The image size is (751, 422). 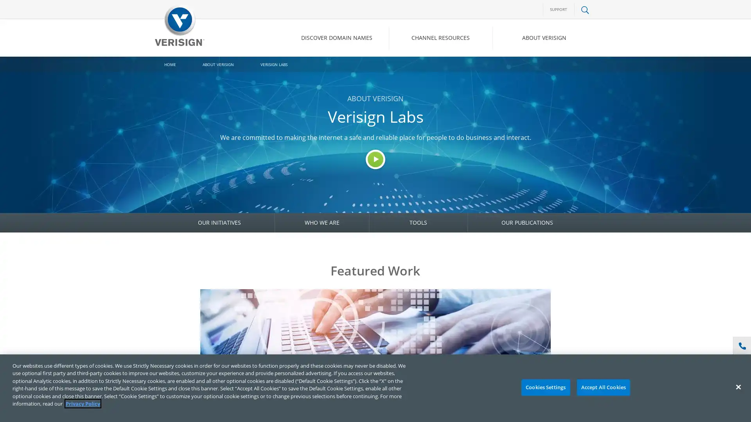 What do you see at coordinates (522, 71) in the screenshot?
I see `Search` at bounding box center [522, 71].